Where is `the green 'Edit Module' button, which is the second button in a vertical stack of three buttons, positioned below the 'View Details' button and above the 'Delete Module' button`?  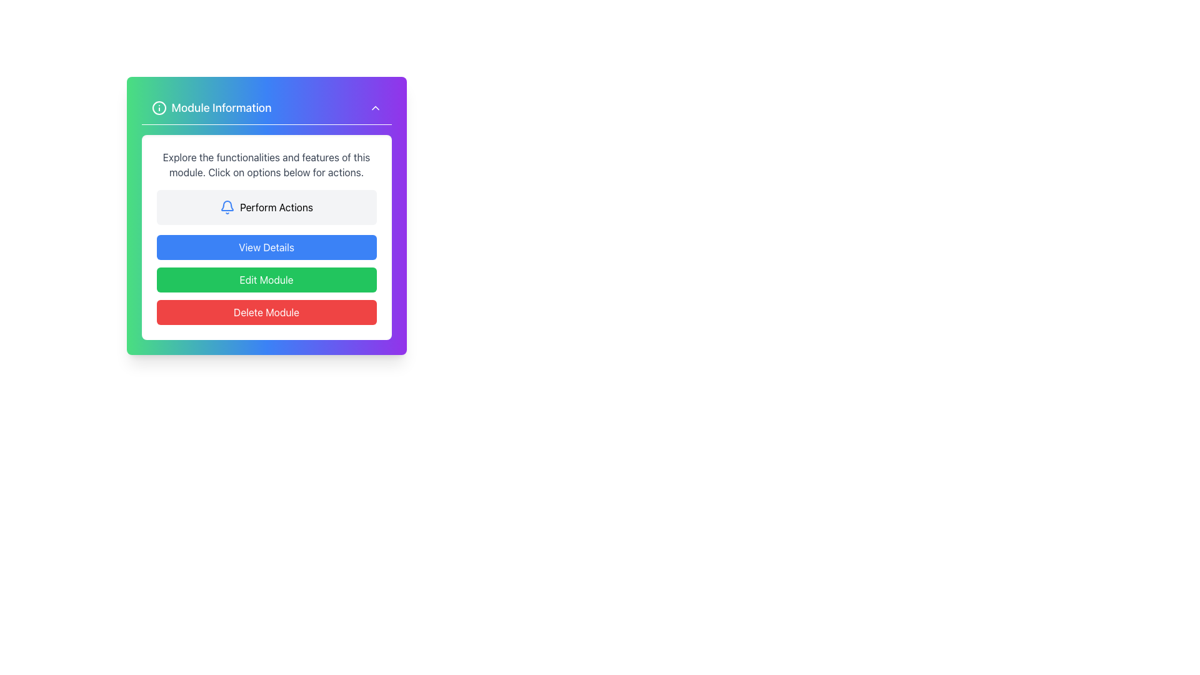
the green 'Edit Module' button, which is the second button in a vertical stack of three buttons, positioned below the 'View Details' button and above the 'Delete Module' button is located at coordinates (266, 279).